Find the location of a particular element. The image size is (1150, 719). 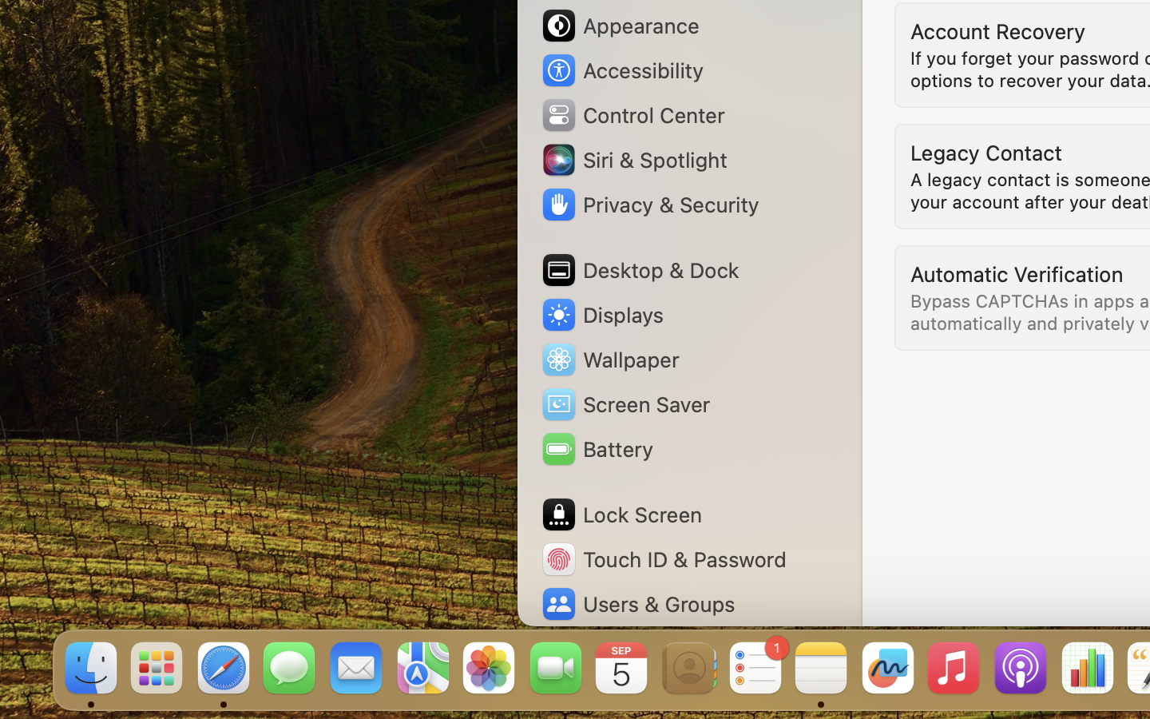

'Control Center' is located at coordinates (632, 115).